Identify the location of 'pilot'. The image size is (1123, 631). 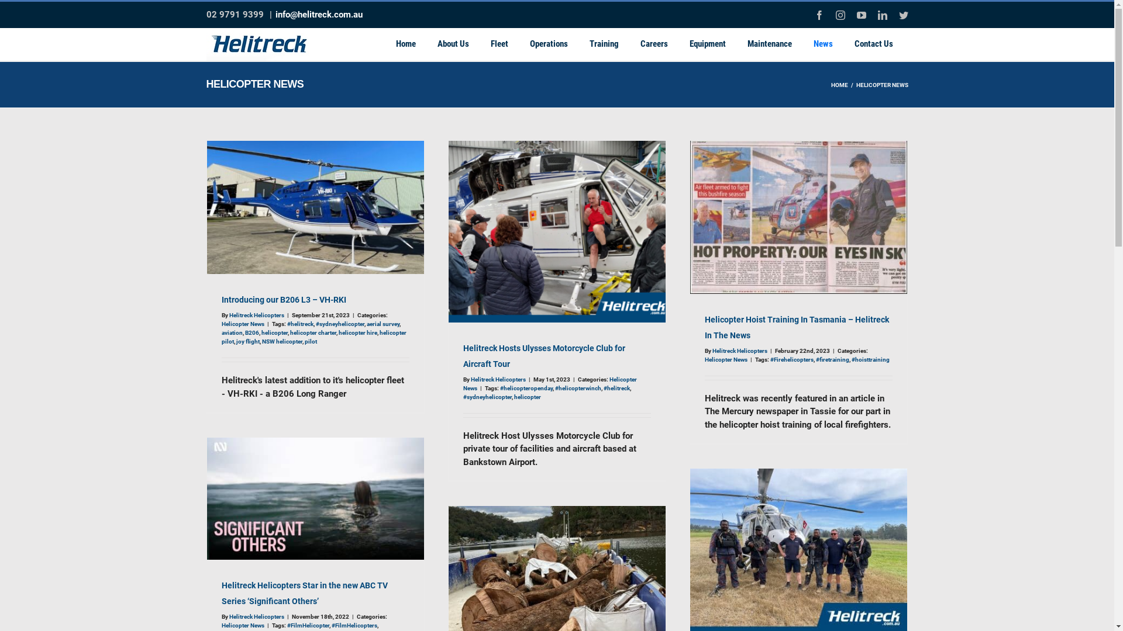
(310, 341).